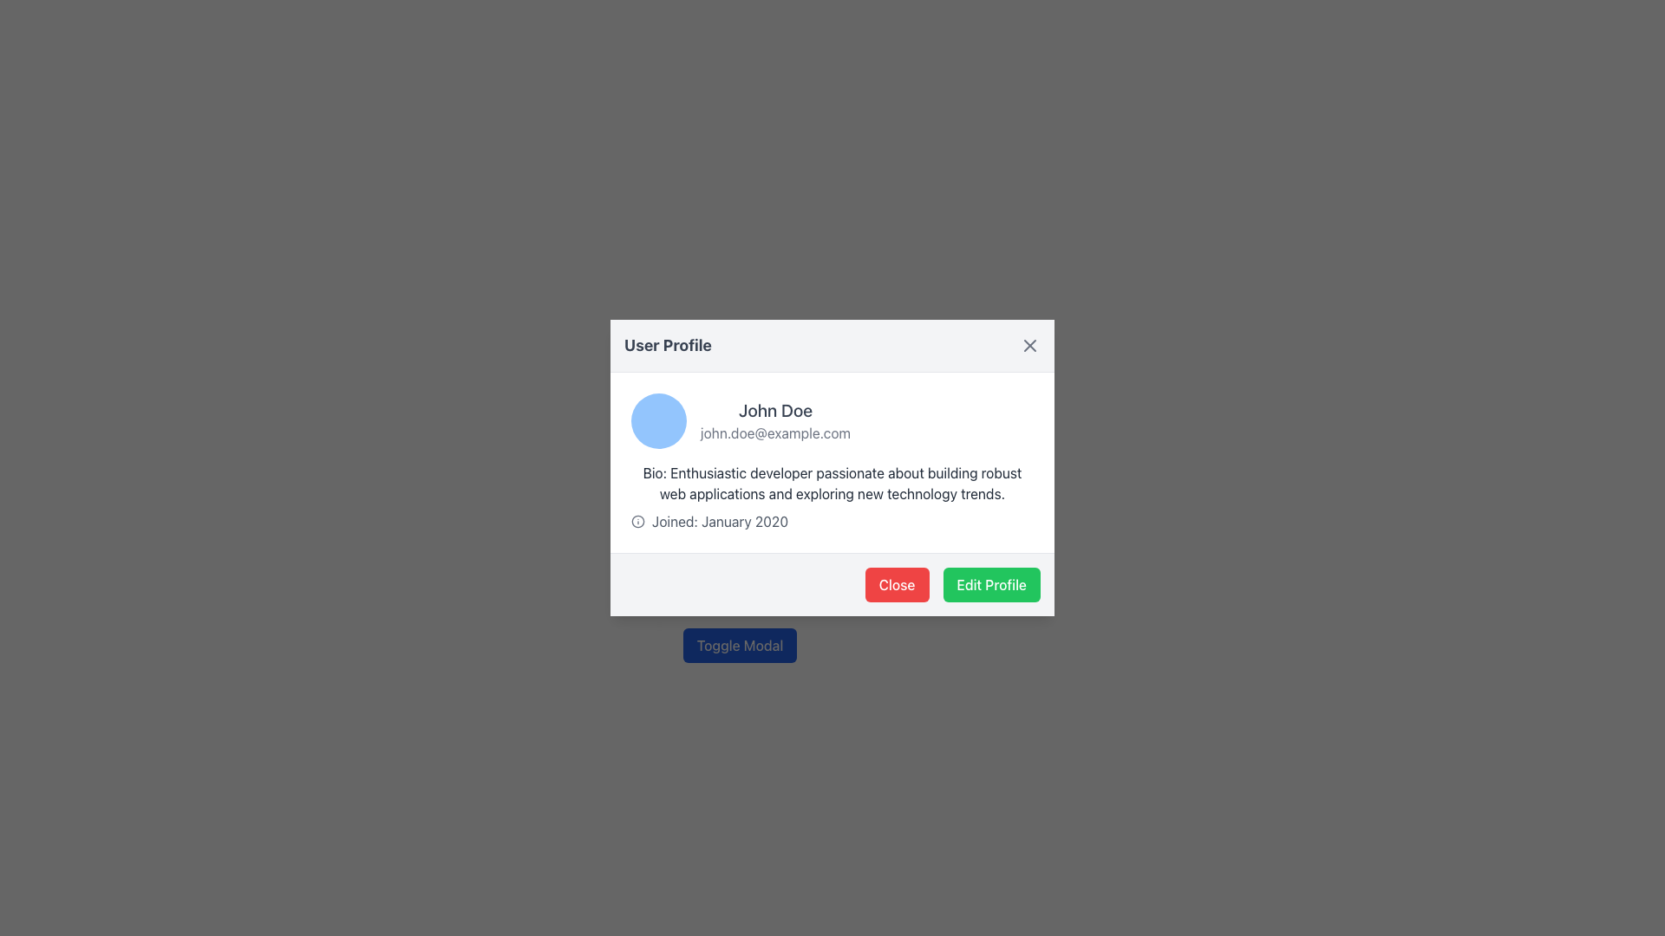 The width and height of the screenshot is (1665, 936). I want to click on the button in the upper-right corner of the modal dialog, so click(1030, 345).